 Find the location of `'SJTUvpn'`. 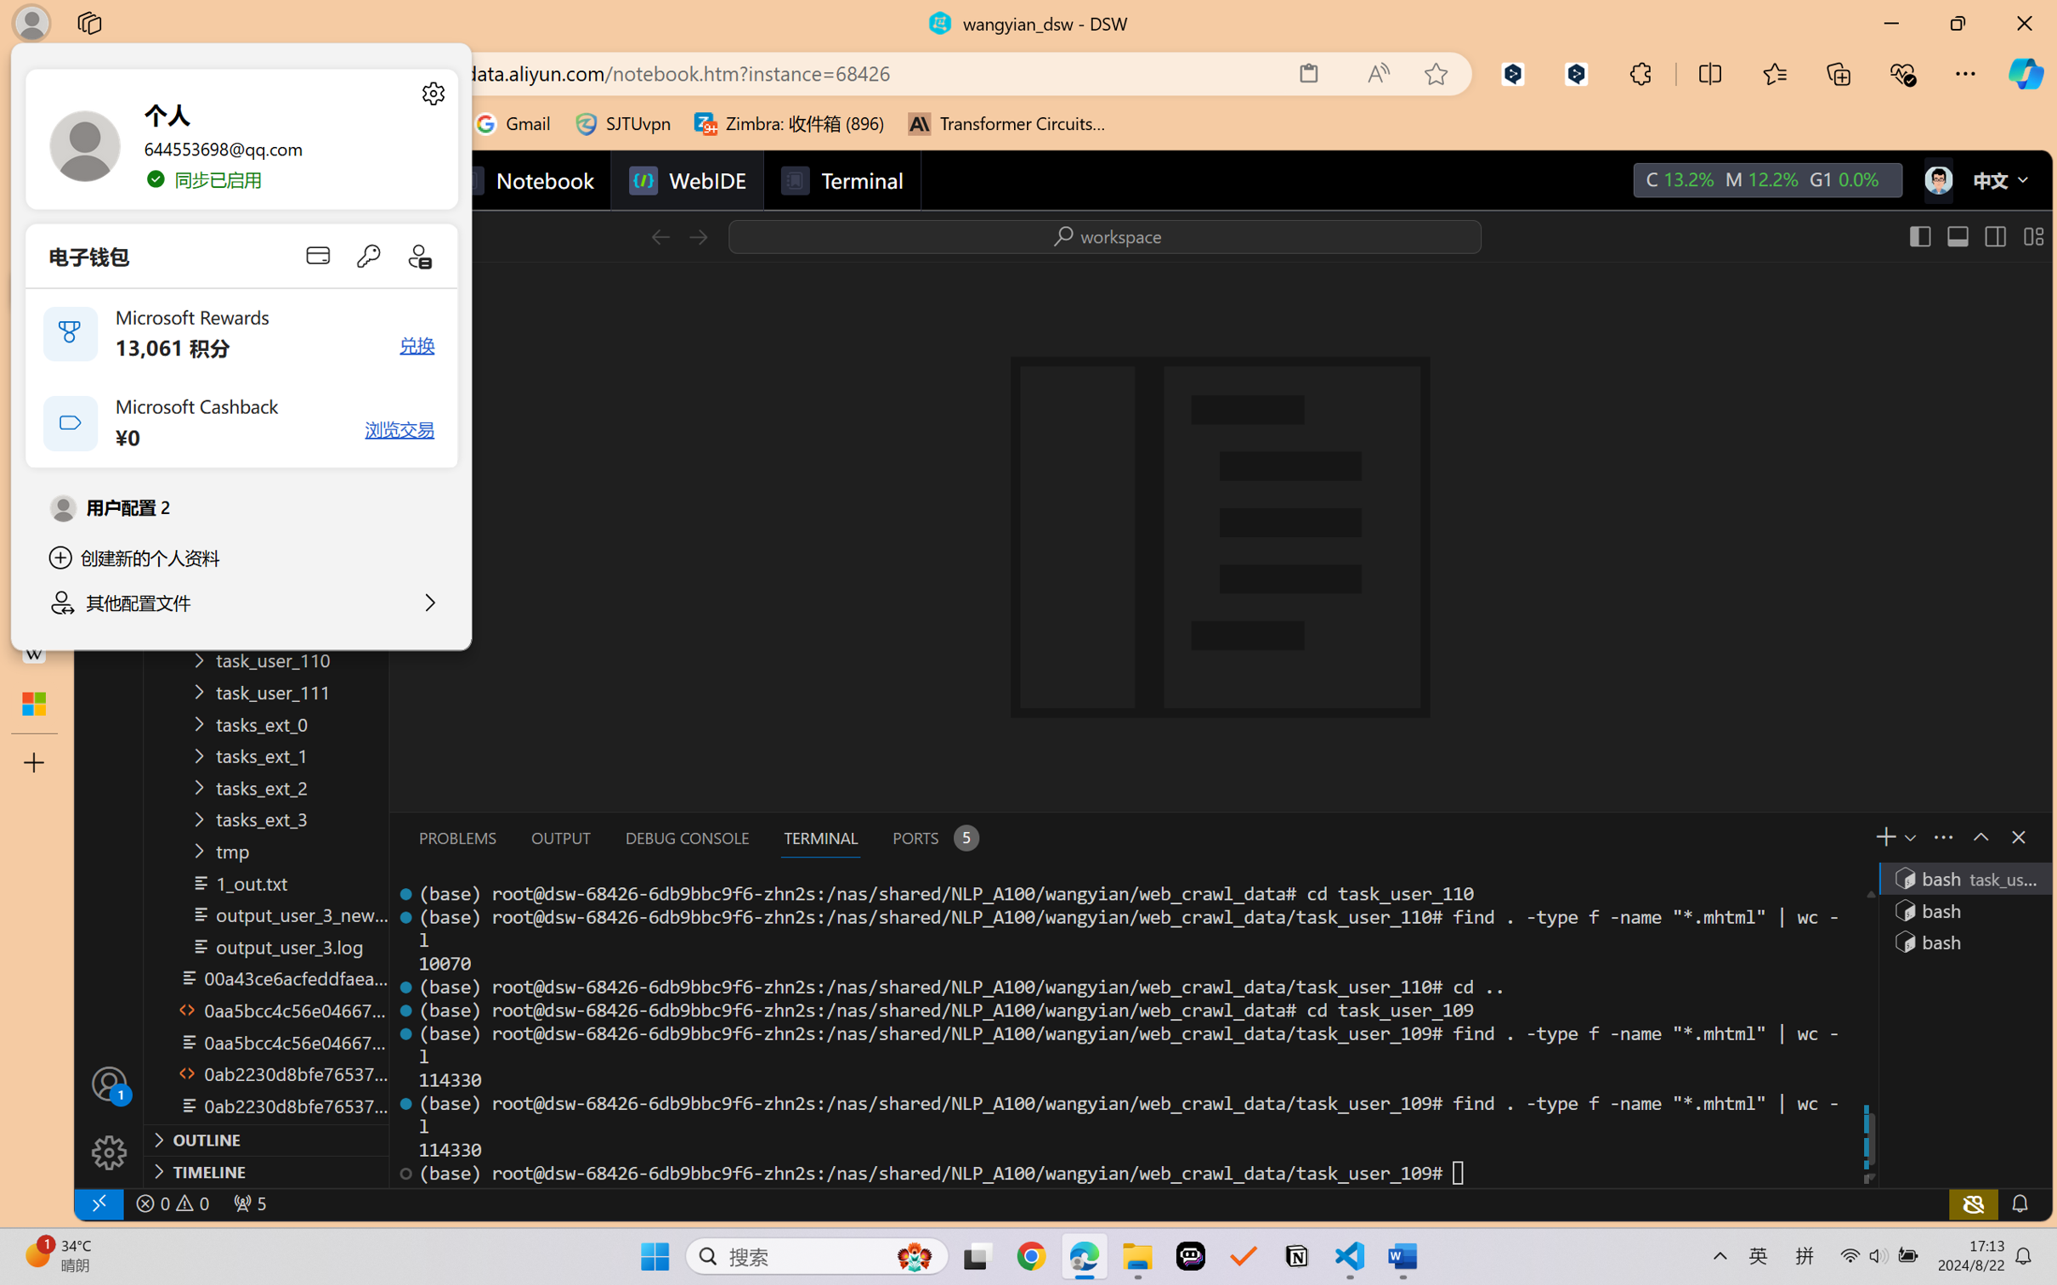

'SJTUvpn' is located at coordinates (622, 123).